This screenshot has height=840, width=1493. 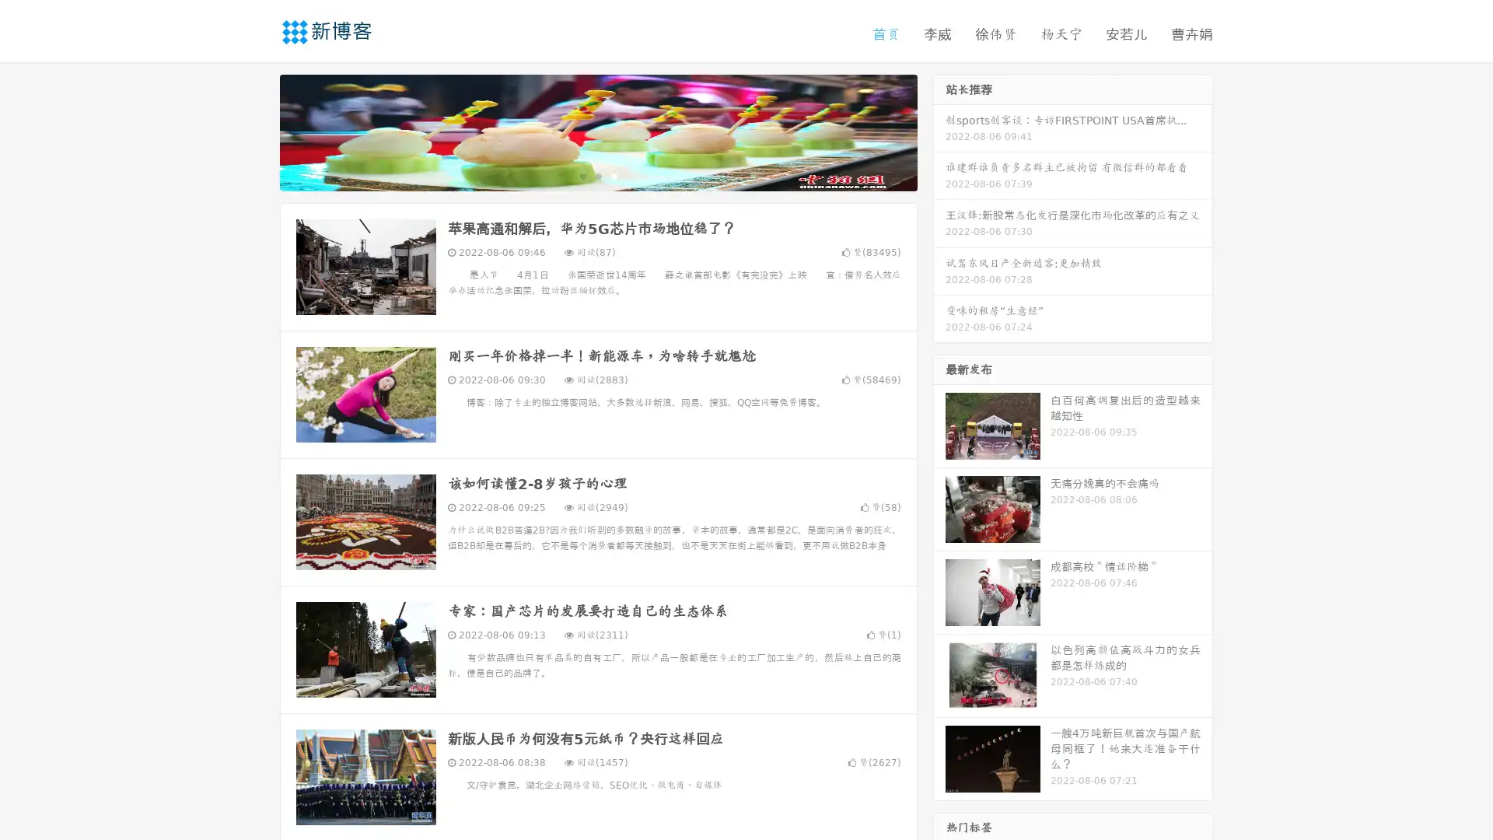 I want to click on Go to slide 2, so click(x=597, y=175).